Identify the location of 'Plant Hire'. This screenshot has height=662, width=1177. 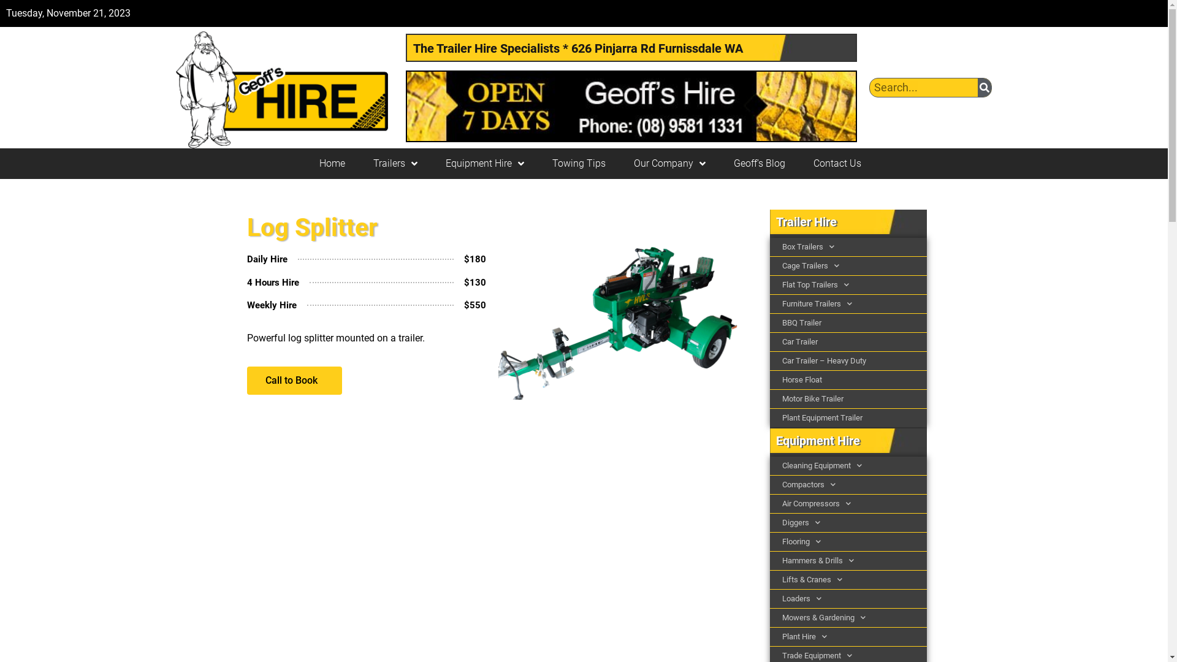
(847, 636).